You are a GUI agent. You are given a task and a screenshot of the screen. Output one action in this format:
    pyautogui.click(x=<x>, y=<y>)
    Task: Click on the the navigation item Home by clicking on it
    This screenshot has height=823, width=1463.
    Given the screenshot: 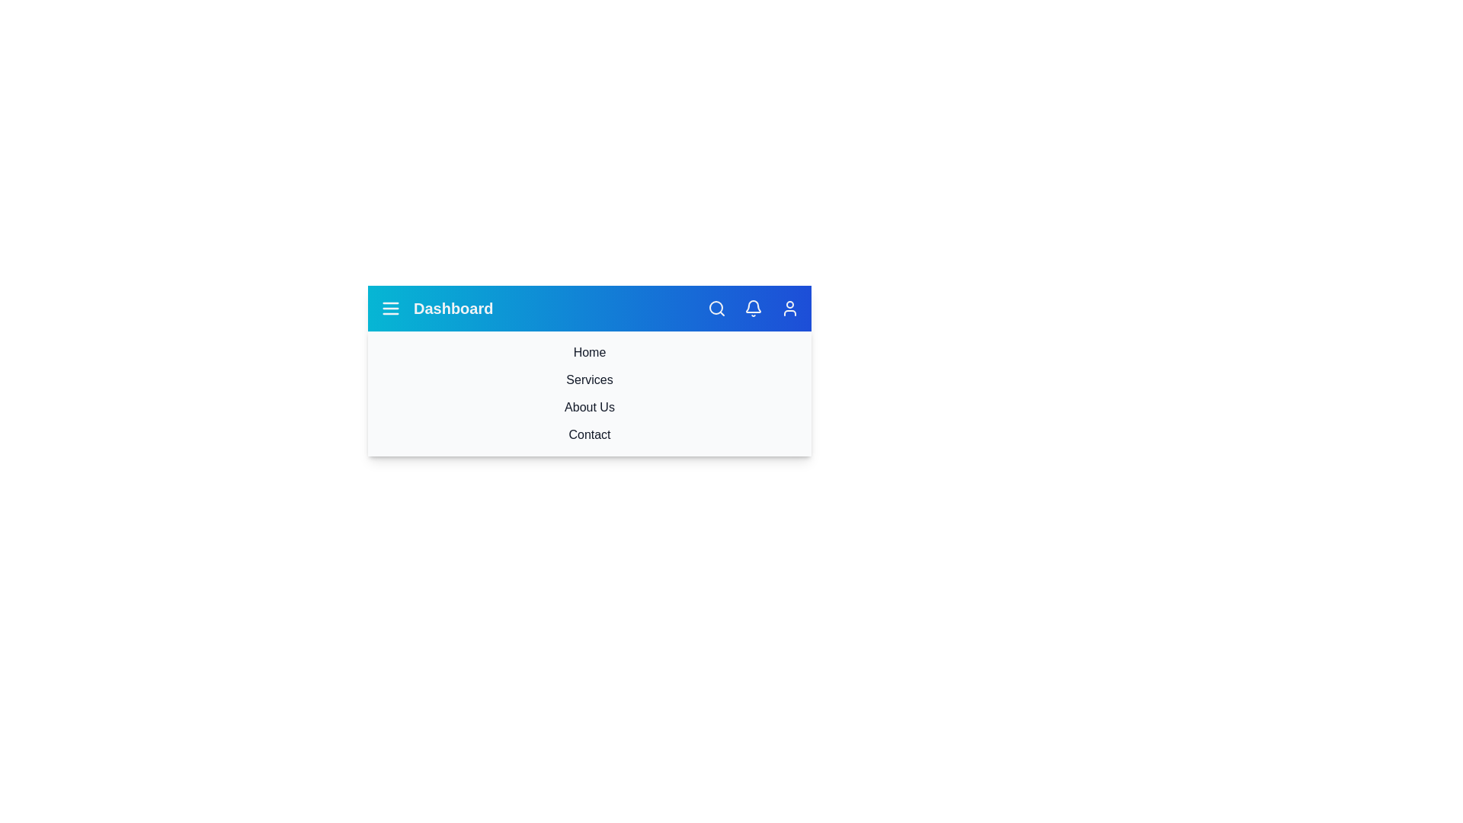 What is the action you would take?
    pyautogui.click(x=588, y=352)
    